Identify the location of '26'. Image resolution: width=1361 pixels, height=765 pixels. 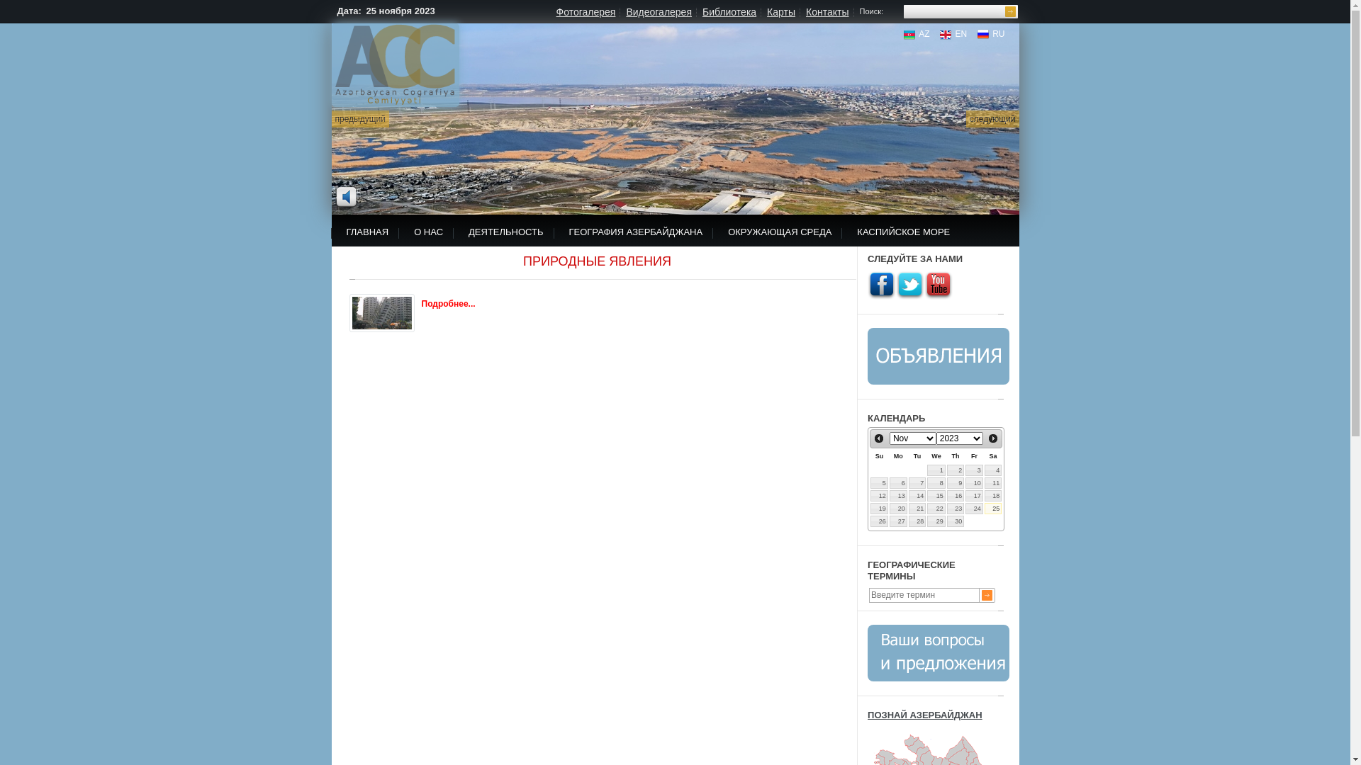
(878, 521).